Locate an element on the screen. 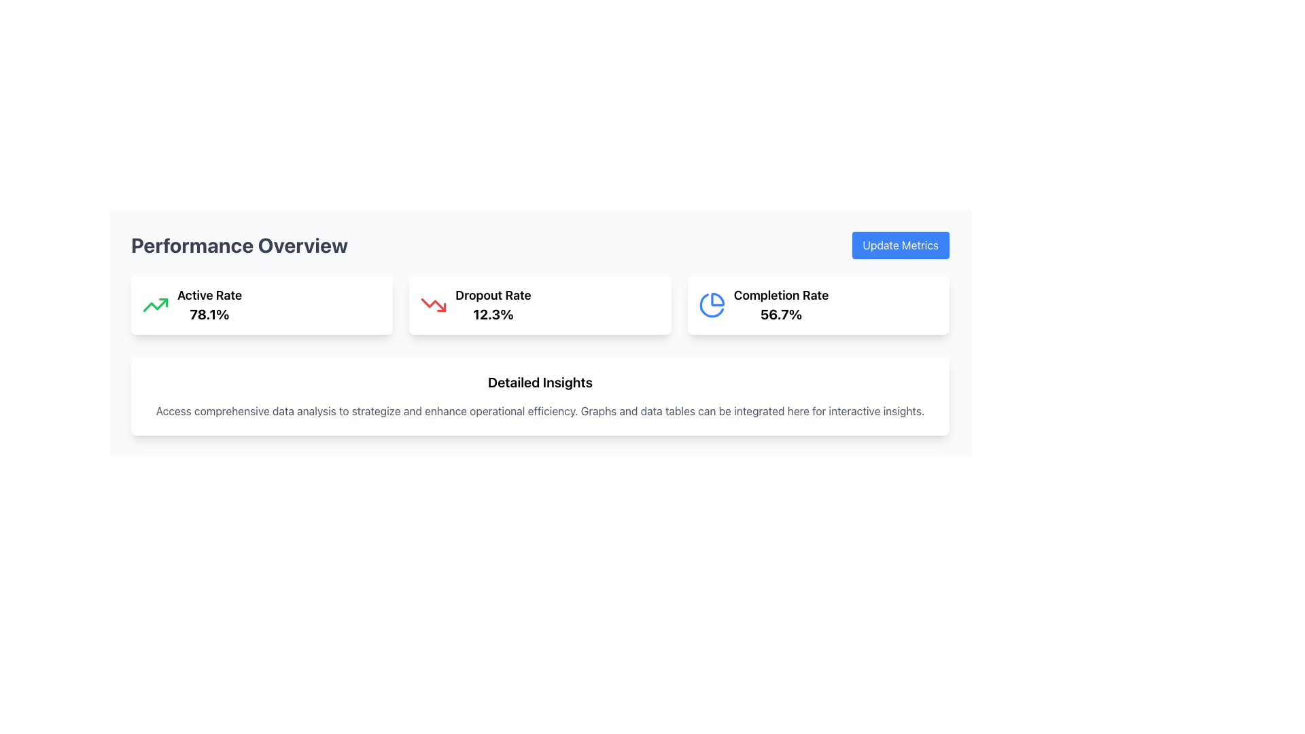  the blue pie chart icon in the rightmost Information display card labeled 'Completion Rate' if it is interactive is located at coordinates (763, 304).